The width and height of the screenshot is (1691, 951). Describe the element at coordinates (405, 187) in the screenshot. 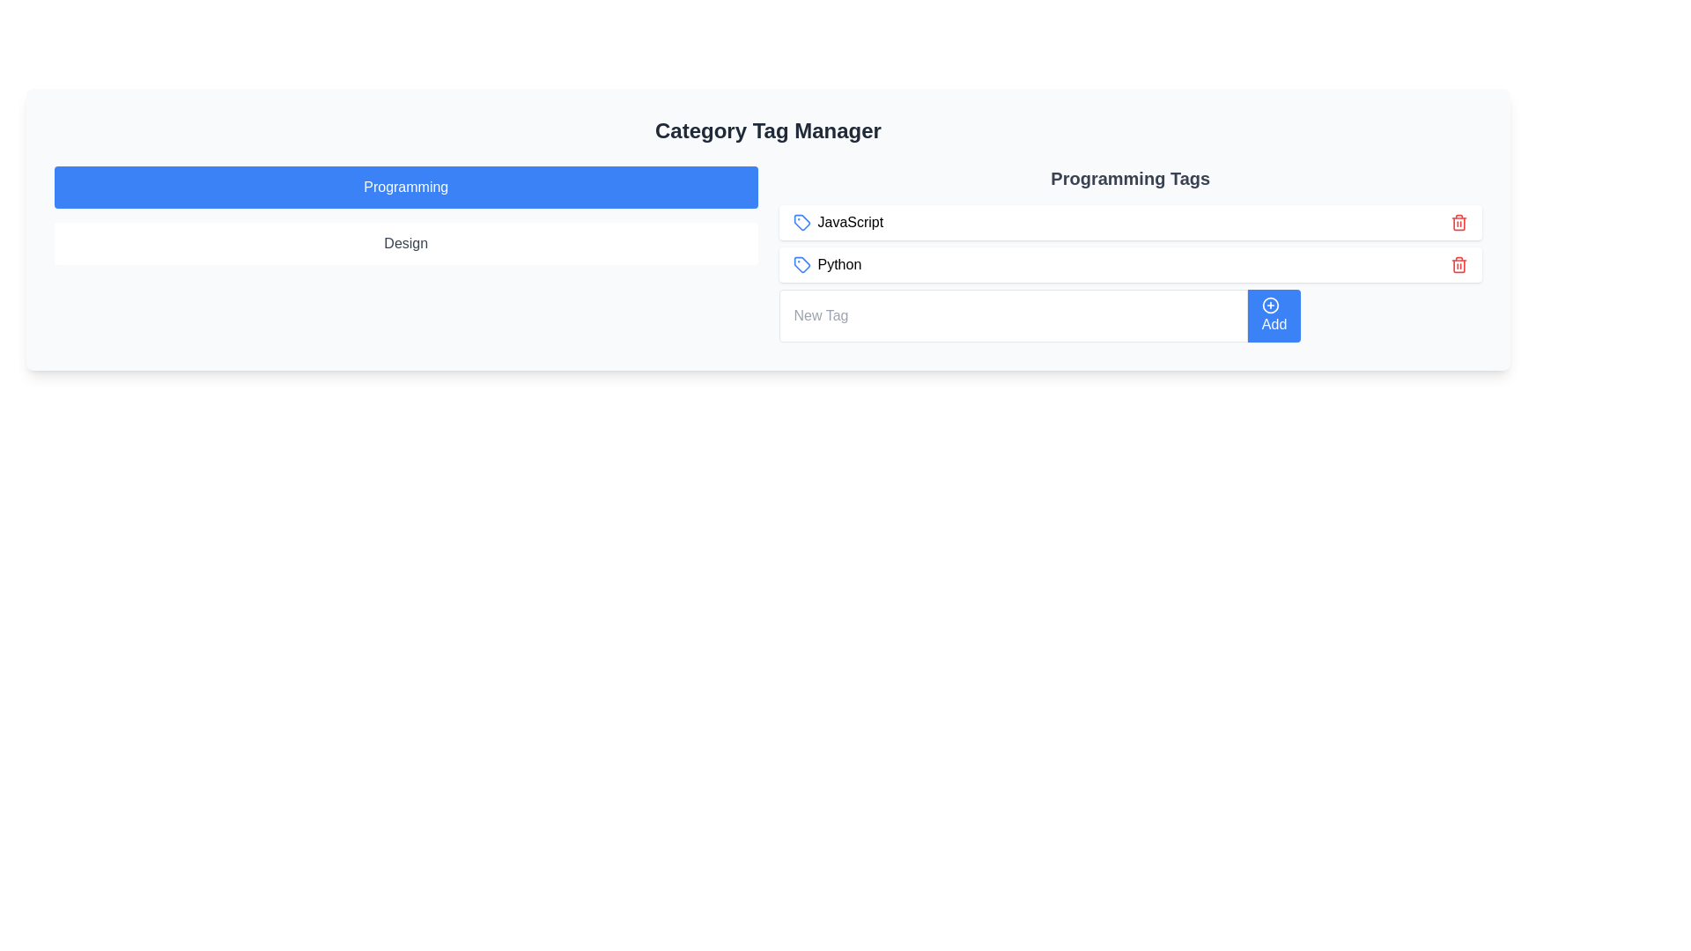

I see `the blue button labeled 'Programming'` at that location.